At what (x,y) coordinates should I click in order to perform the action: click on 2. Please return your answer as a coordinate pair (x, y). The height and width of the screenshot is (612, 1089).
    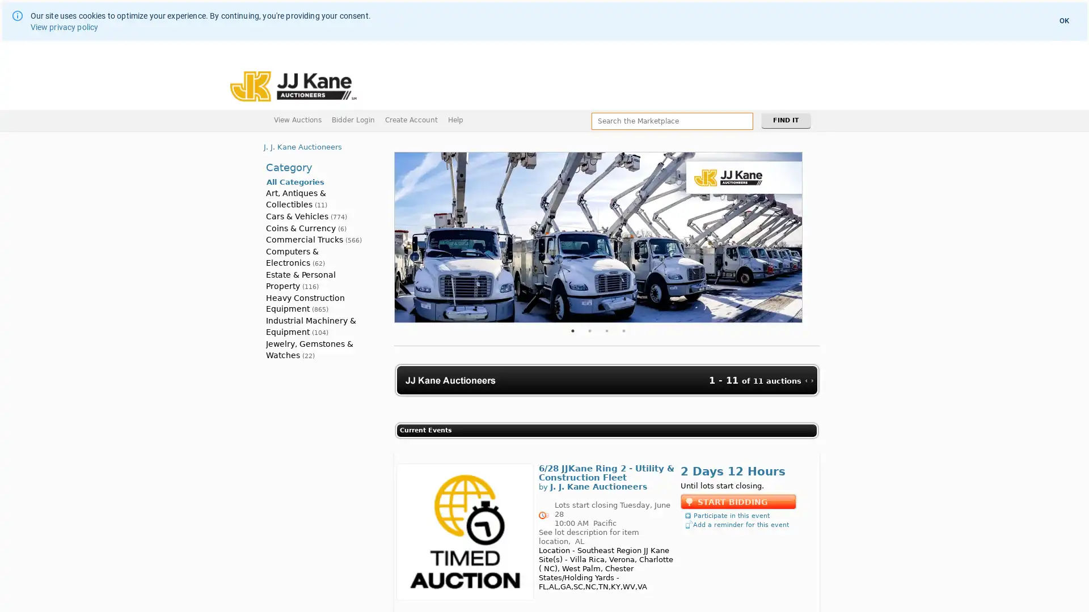
    Looking at the image, I should click on (590, 330).